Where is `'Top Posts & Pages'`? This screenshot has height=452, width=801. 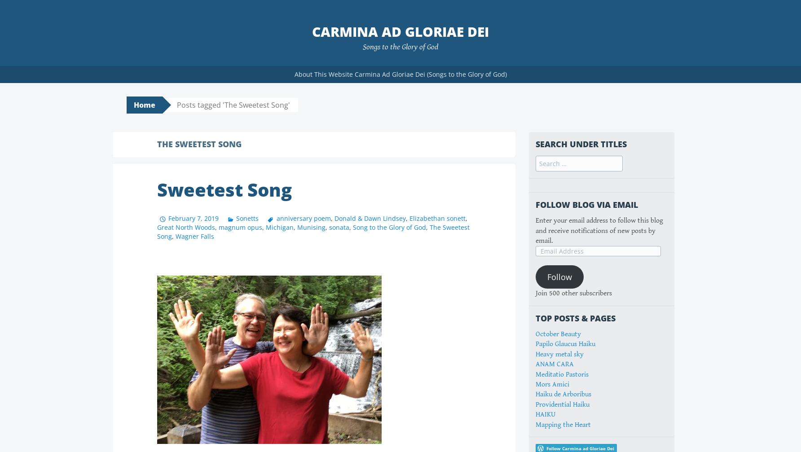
'Top Posts & Pages' is located at coordinates (575, 317).